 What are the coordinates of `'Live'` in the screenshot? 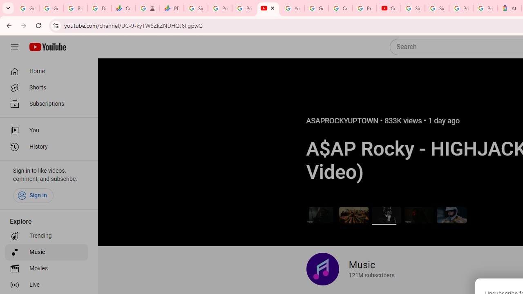 It's located at (46, 285).